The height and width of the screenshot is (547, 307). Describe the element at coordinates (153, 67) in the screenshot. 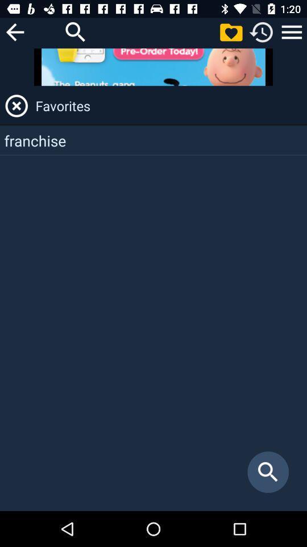

I see `advertisement` at that location.